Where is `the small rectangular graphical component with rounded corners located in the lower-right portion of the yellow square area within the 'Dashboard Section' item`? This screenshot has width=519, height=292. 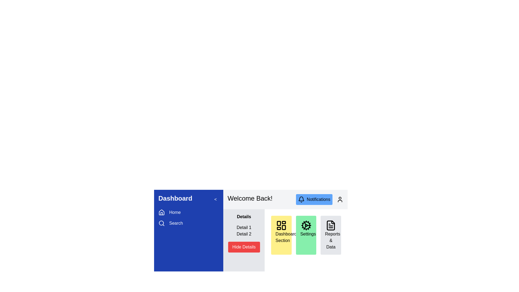 the small rectangular graphical component with rounded corners located in the lower-right portion of the yellow square area within the 'Dashboard Section' item is located at coordinates (284, 227).